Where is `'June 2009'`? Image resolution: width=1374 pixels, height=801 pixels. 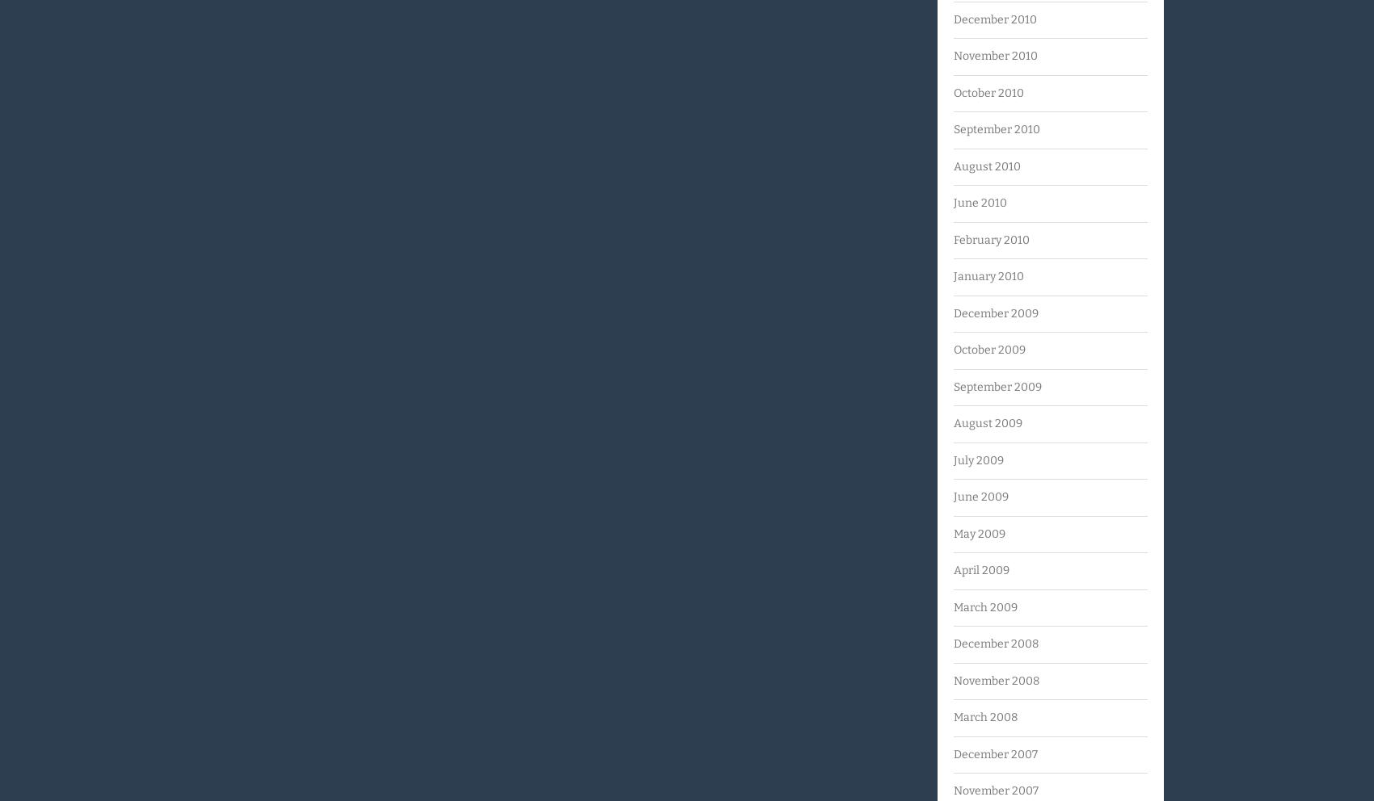
'June 2009' is located at coordinates (980, 496).